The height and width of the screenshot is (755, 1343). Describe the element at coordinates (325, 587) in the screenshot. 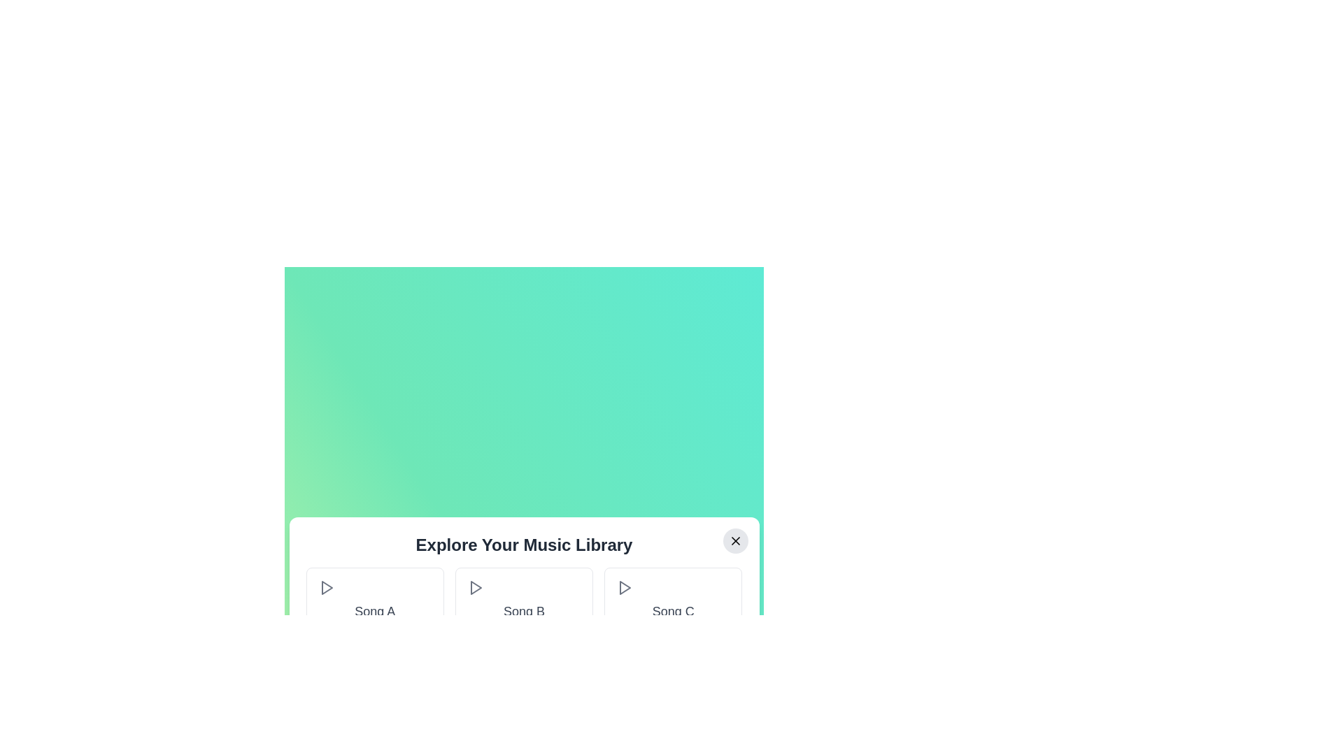

I see `play button next to the song Song A to play it` at that location.